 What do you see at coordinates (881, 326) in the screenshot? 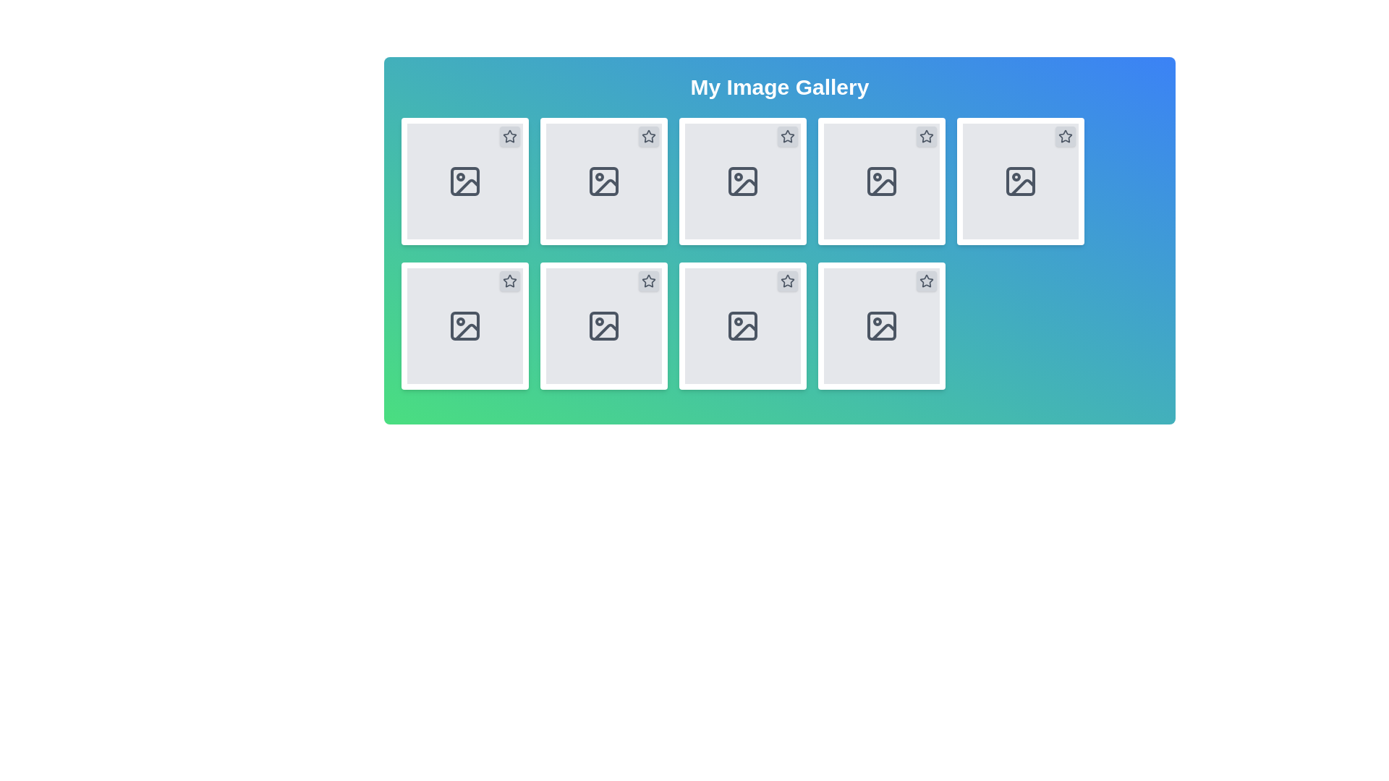
I see `the icon styled as a pictorial representation of an image, which is located in the last column of the second row within the 'My Image Gallery' grid` at bounding box center [881, 326].